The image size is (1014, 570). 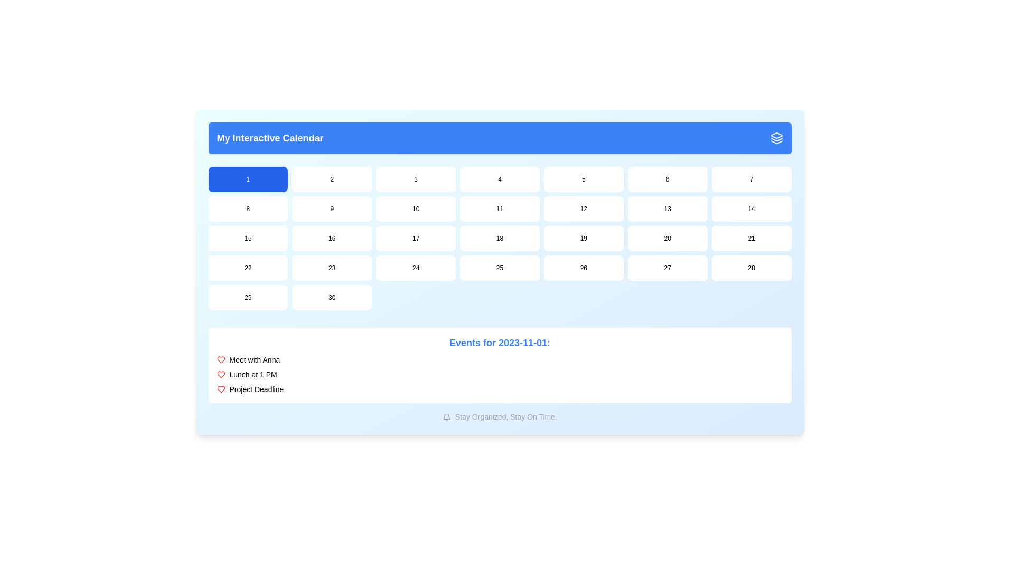 I want to click on the small rectangular button labeled '28' in the fifth row and seventh column of the calendar grid, so click(x=751, y=268).